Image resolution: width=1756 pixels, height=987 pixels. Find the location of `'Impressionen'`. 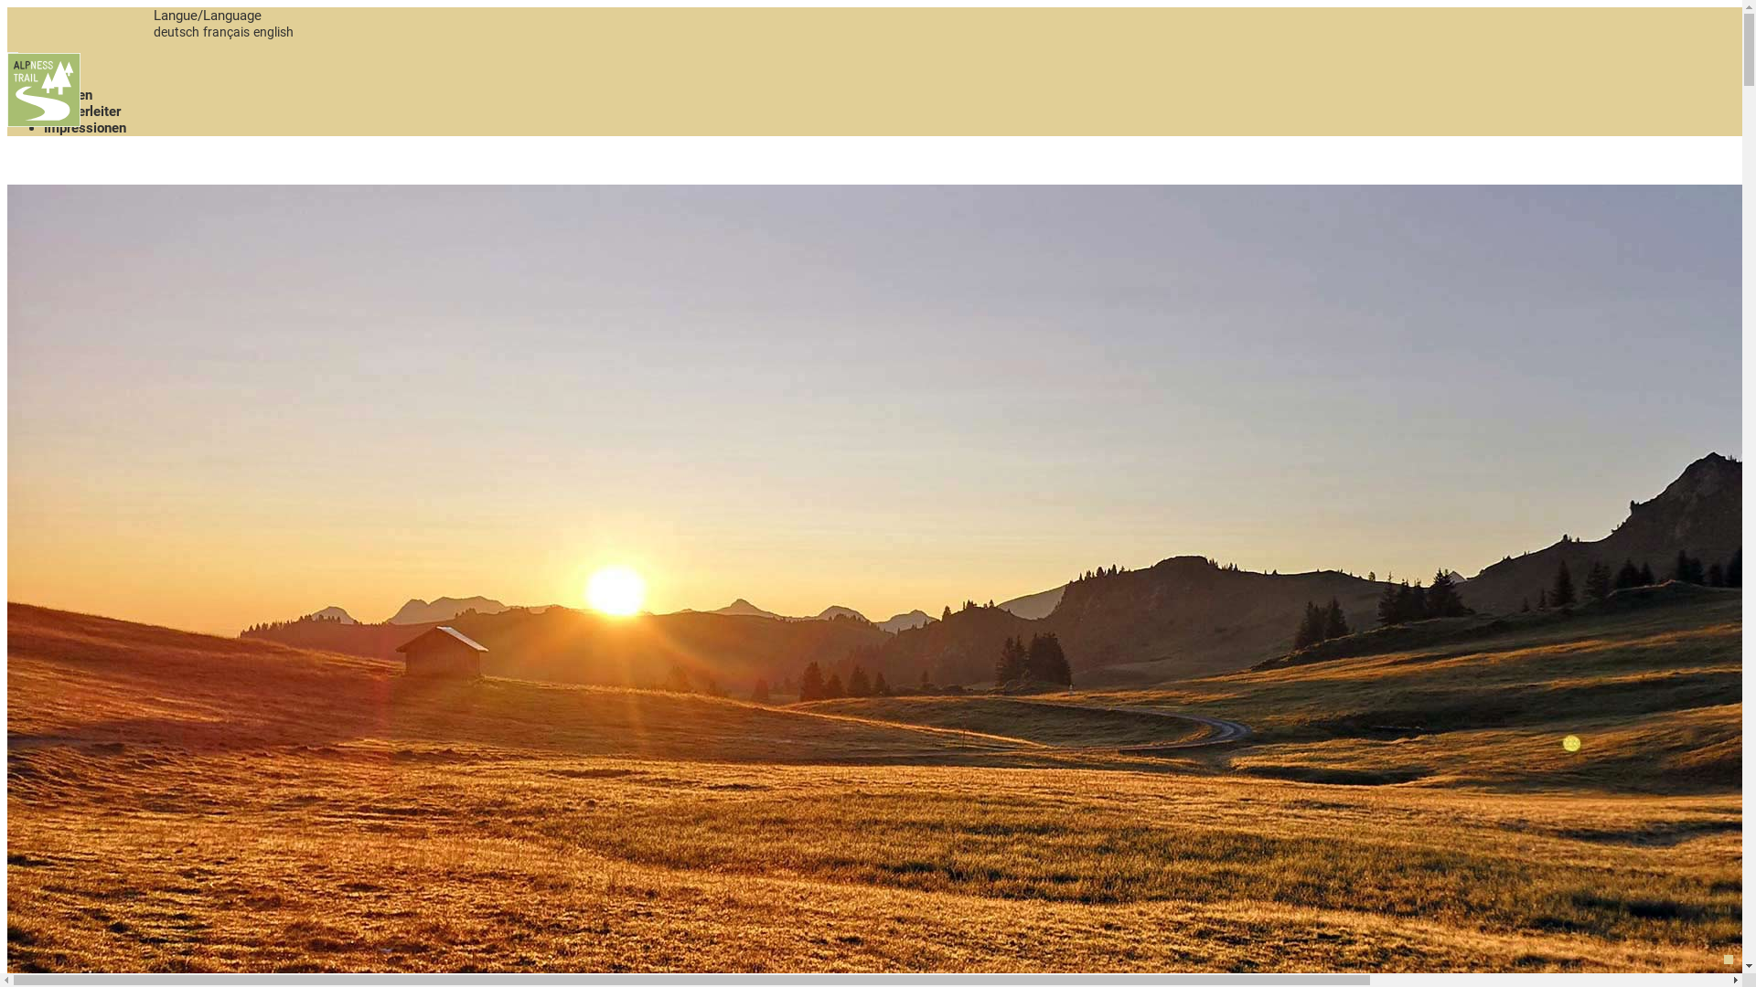

'Impressionen' is located at coordinates (83, 126).